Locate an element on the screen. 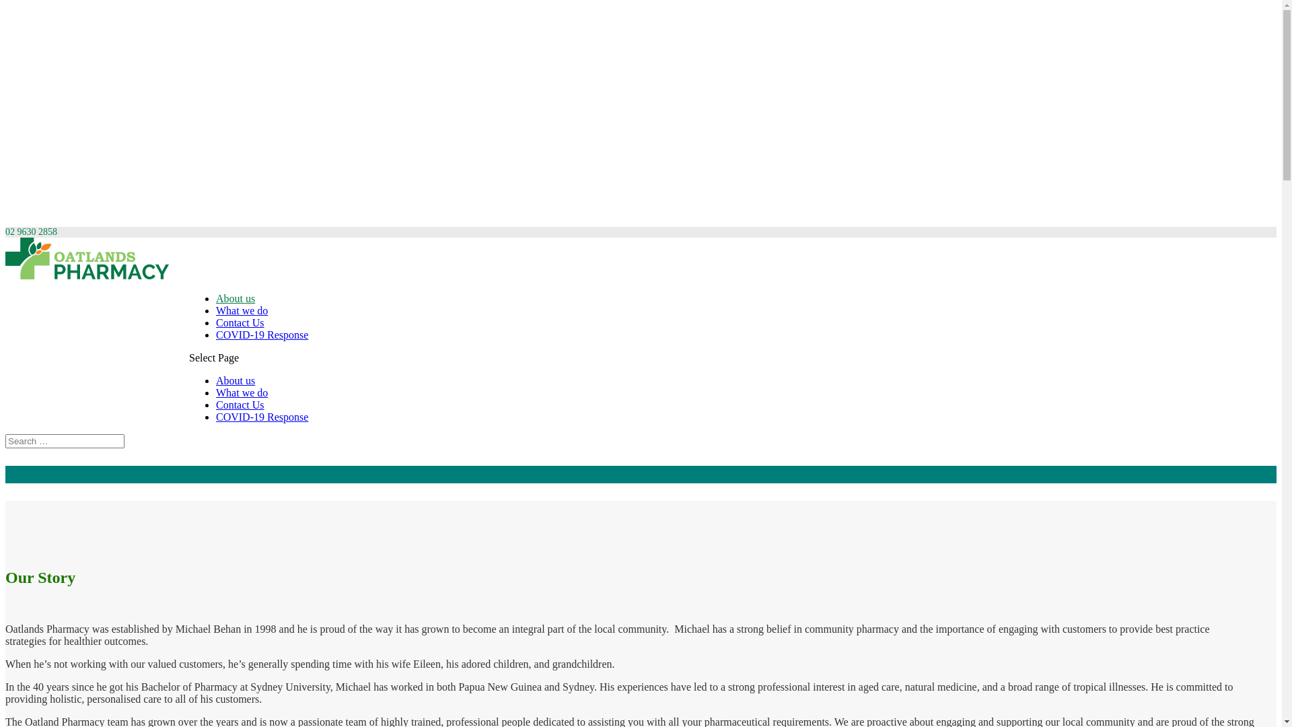 This screenshot has height=727, width=1292. 'COVID-19 Response' is located at coordinates (262, 334).